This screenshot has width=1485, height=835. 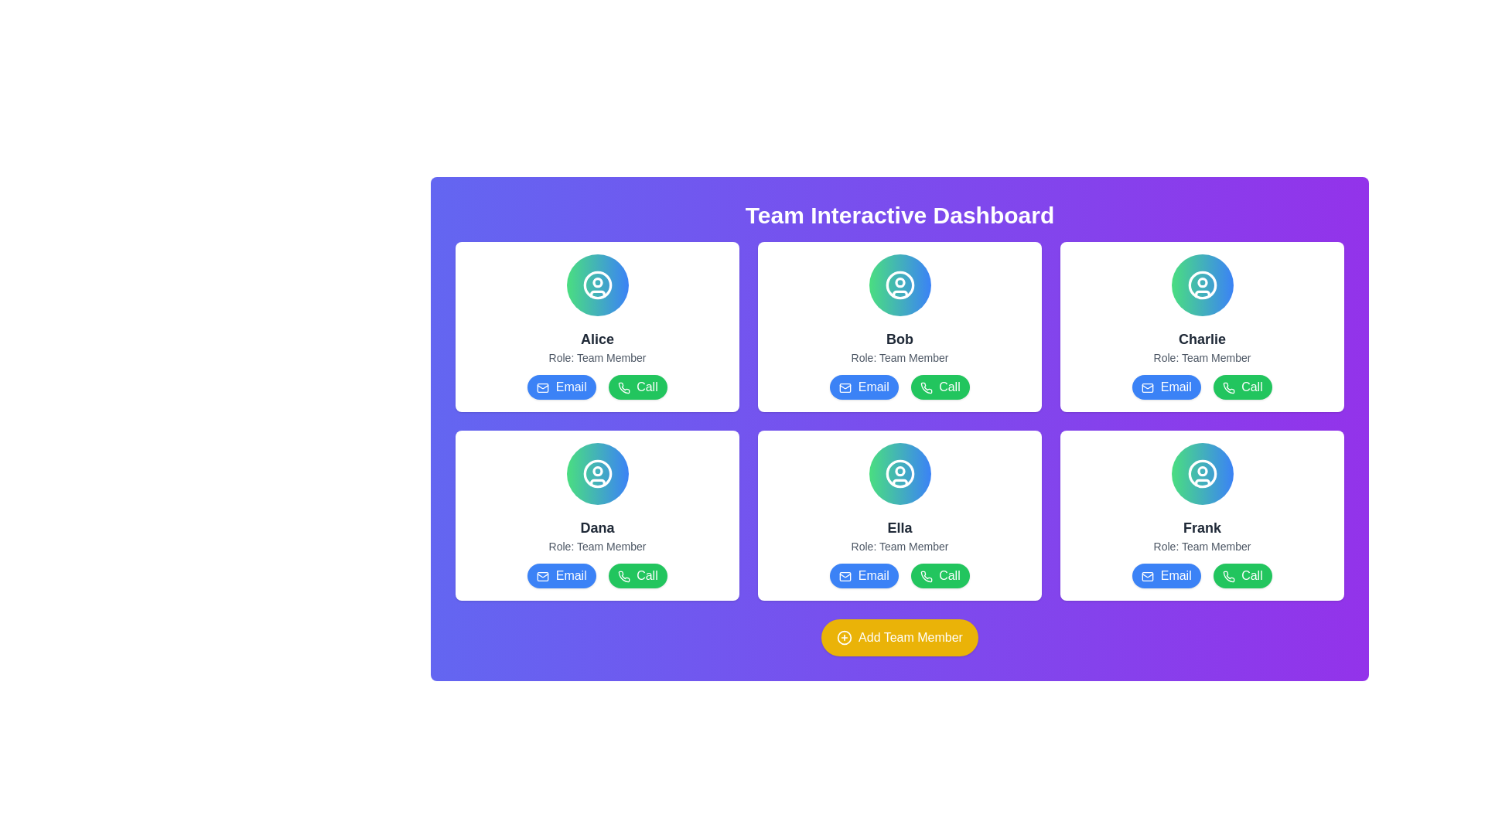 I want to click on the circular outline graphic component that enhances the visual appeal of Dana's avatar icon in the profile section, so click(x=596, y=473).